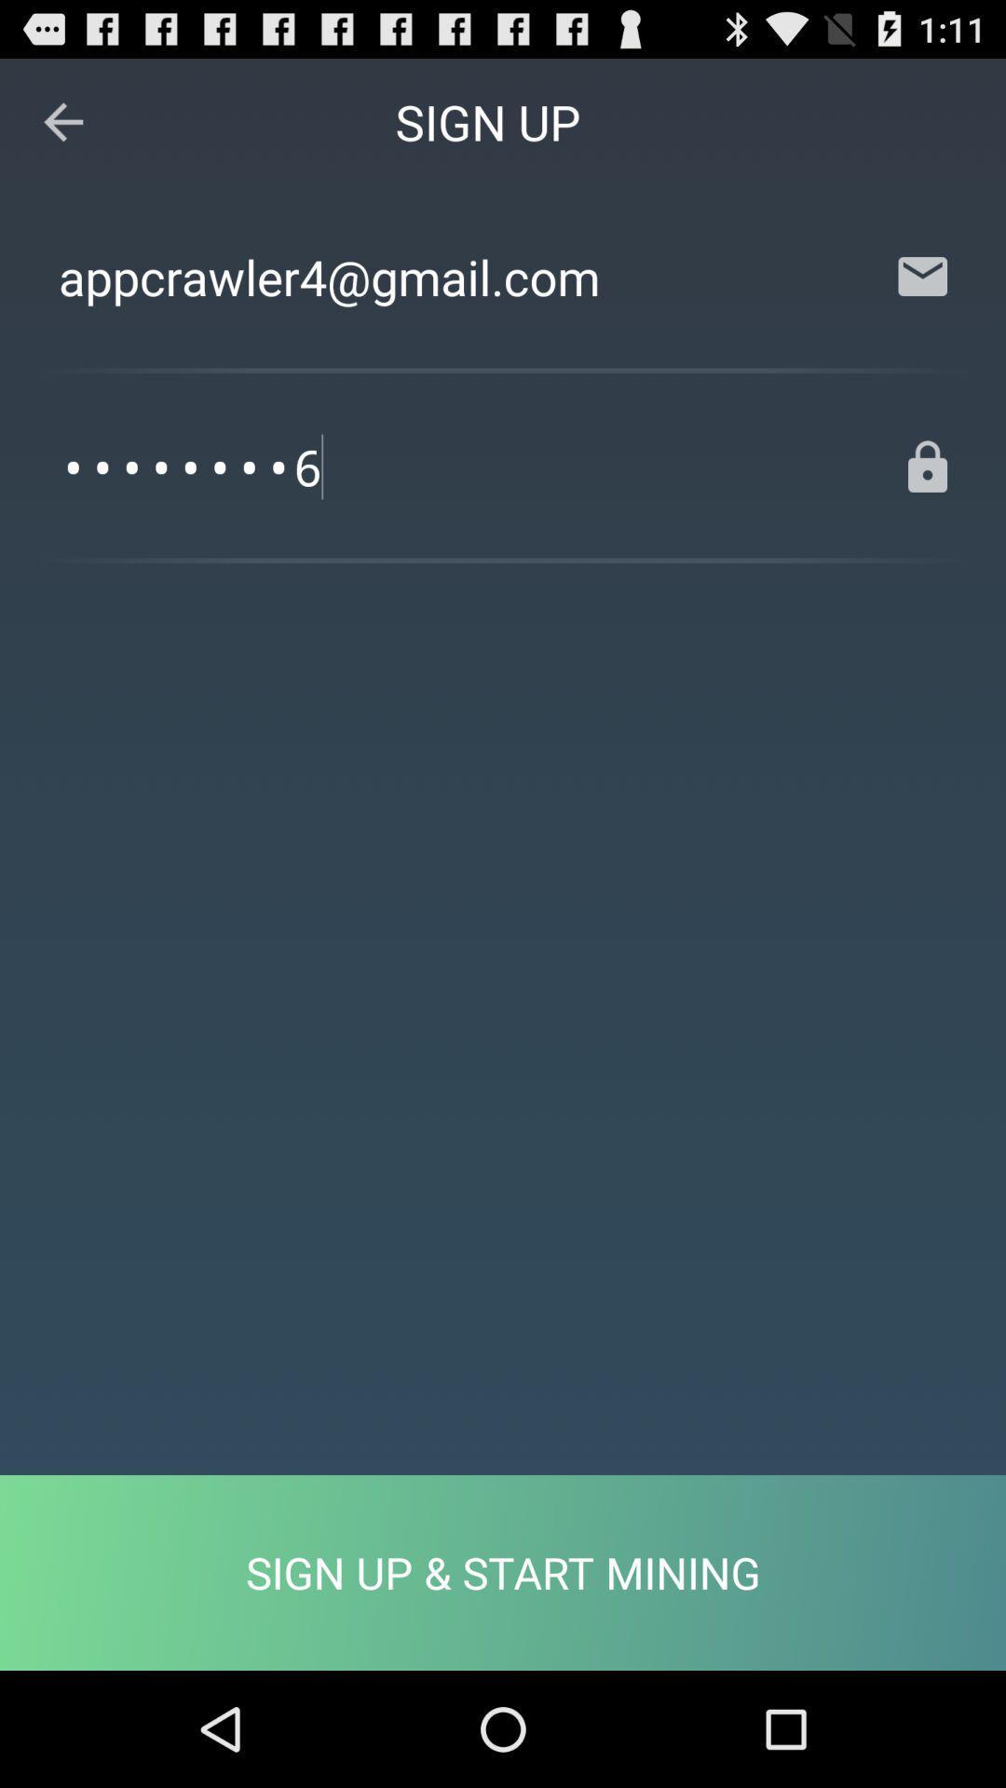 This screenshot has height=1788, width=1006. I want to click on the arrow_backward icon, so click(62, 129).